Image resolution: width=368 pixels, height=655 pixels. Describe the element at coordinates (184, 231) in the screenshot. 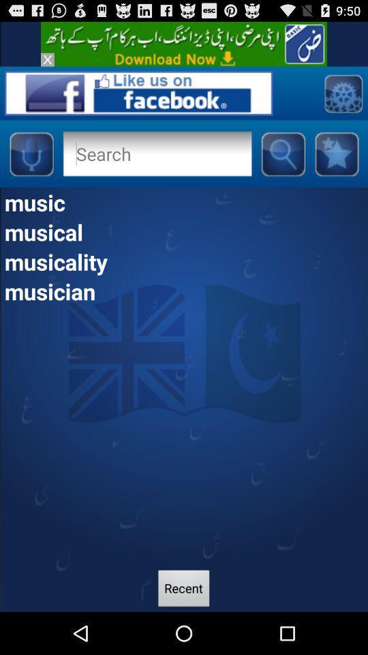

I see `musical app` at that location.